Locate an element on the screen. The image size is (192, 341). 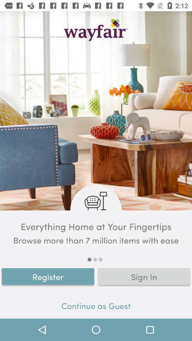
the sign in is located at coordinates (144, 276).